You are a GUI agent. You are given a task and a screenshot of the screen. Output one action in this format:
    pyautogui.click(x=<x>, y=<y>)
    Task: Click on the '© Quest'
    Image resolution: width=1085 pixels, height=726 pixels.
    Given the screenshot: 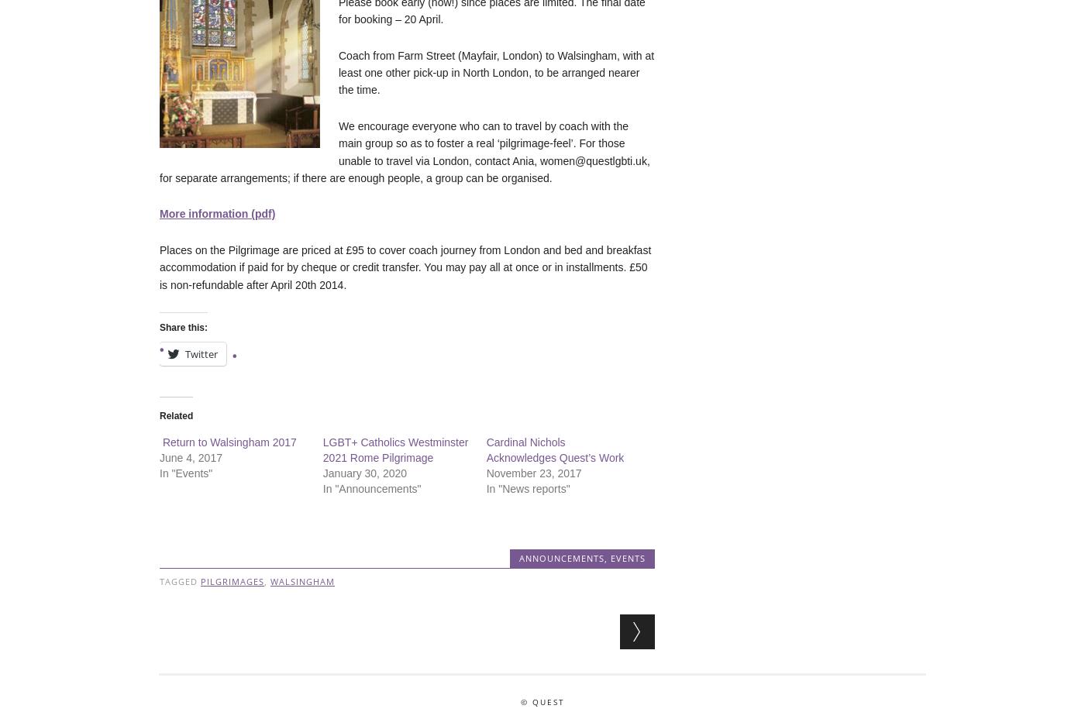 What is the action you would take?
    pyautogui.click(x=542, y=700)
    